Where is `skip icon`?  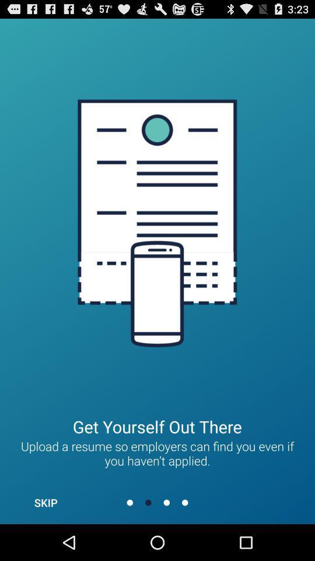 skip icon is located at coordinates (45, 502).